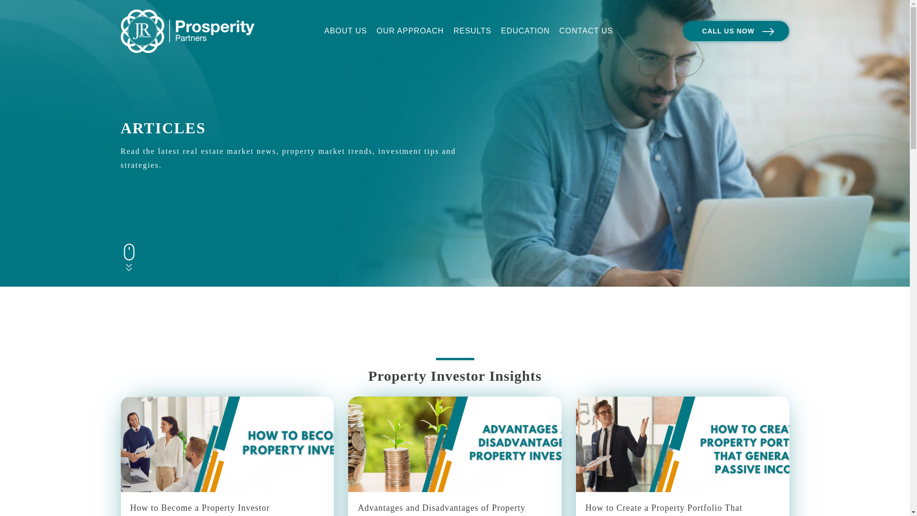 This screenshot has height=516, width=917. What do you see at coordinates (345, 31) in the screenshot?
I see `'ABOUT US'` at bounding box center [345, 31].